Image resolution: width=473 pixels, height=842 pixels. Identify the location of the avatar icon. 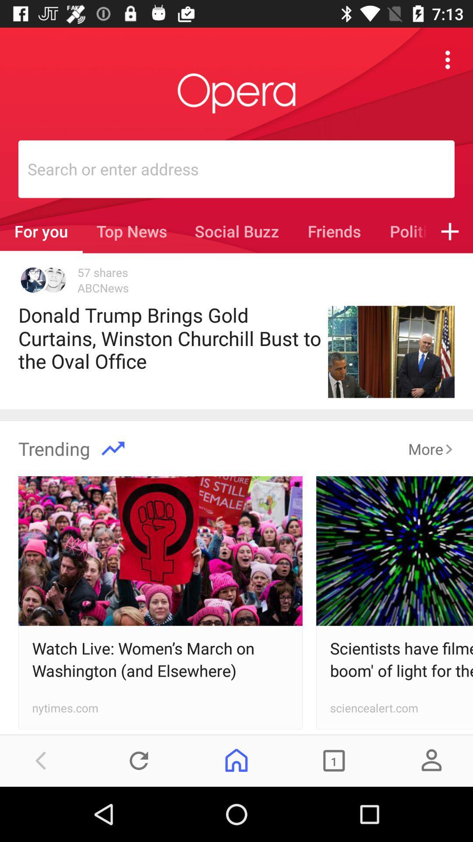
(431, 760).